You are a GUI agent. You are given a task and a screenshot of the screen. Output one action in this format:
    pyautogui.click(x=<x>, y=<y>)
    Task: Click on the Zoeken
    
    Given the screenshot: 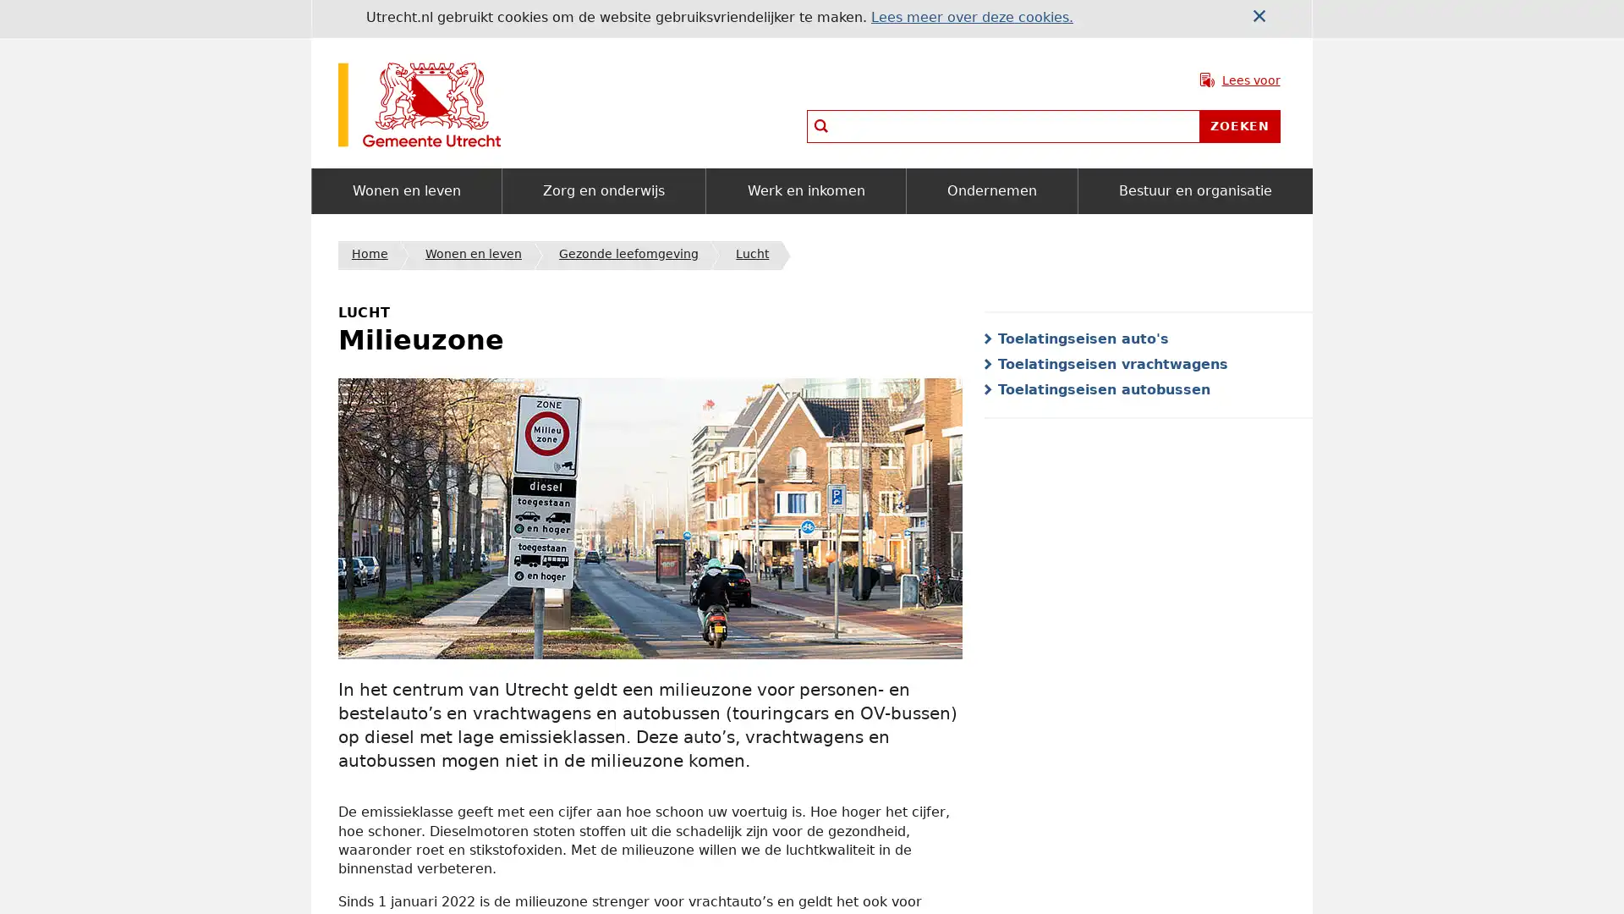 What is the action you would take?
    pyautogui.click(x=1239, y=125)
    